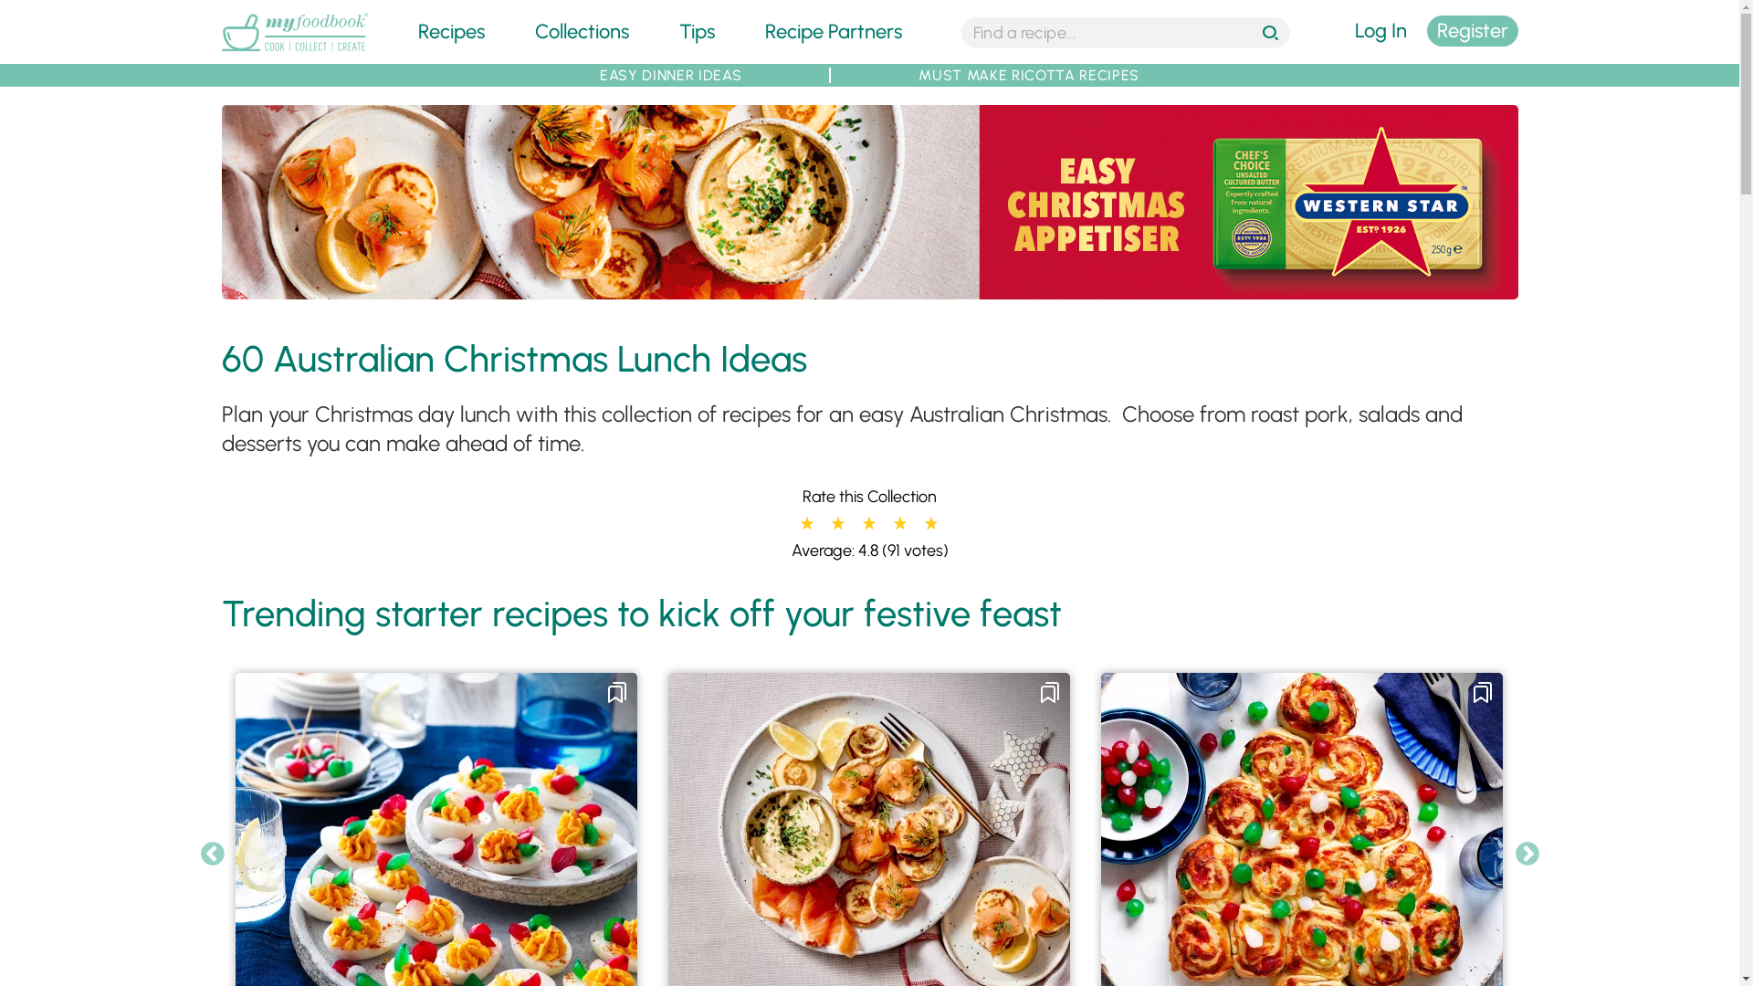 The image size is (1753, 986). I want to click on 'go', so click(1271, 34).